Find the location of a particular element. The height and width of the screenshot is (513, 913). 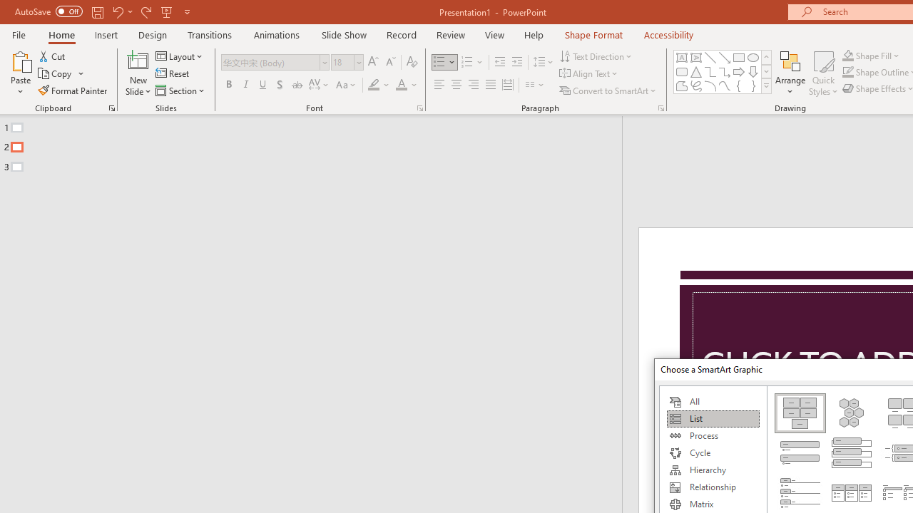

'Copy' is located at coordinates (56, 73).